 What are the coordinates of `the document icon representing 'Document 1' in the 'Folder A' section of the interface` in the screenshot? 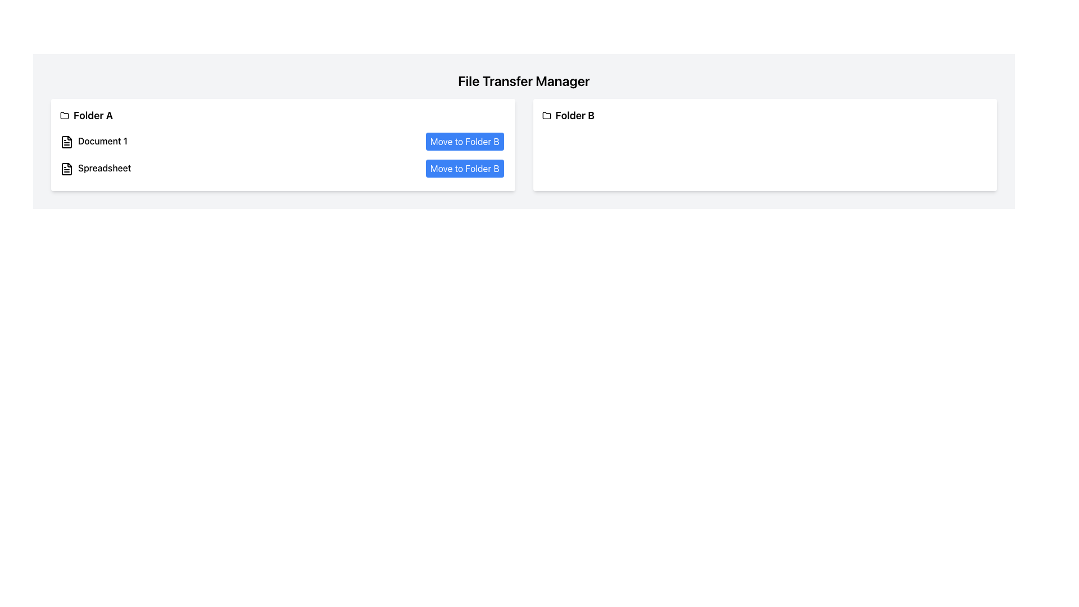 It's located at (66, 141).